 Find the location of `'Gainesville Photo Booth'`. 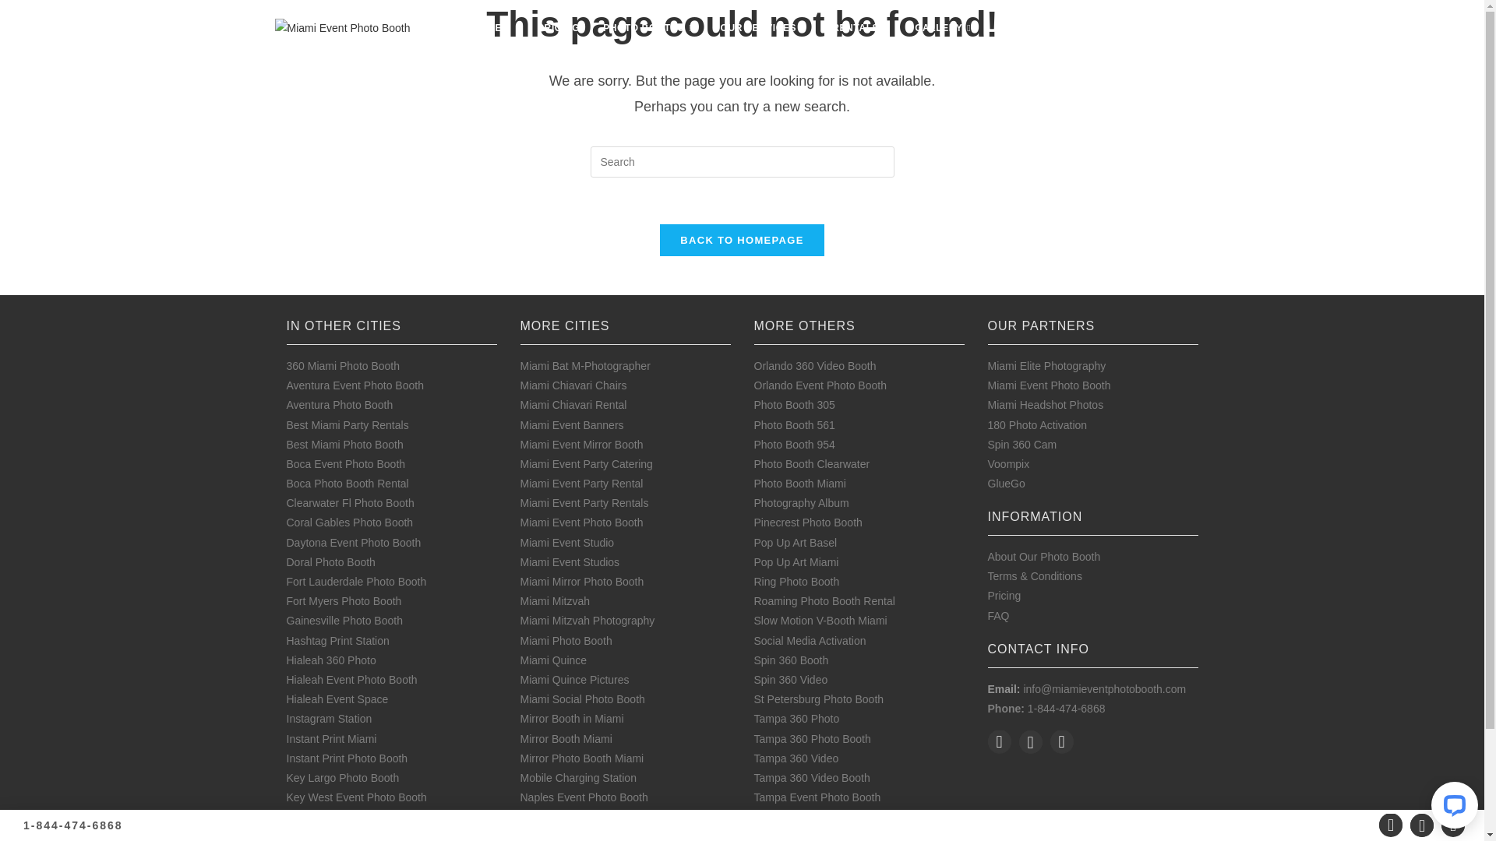

'Gainesville Photo Booth' is located at coordinates (344, 620).